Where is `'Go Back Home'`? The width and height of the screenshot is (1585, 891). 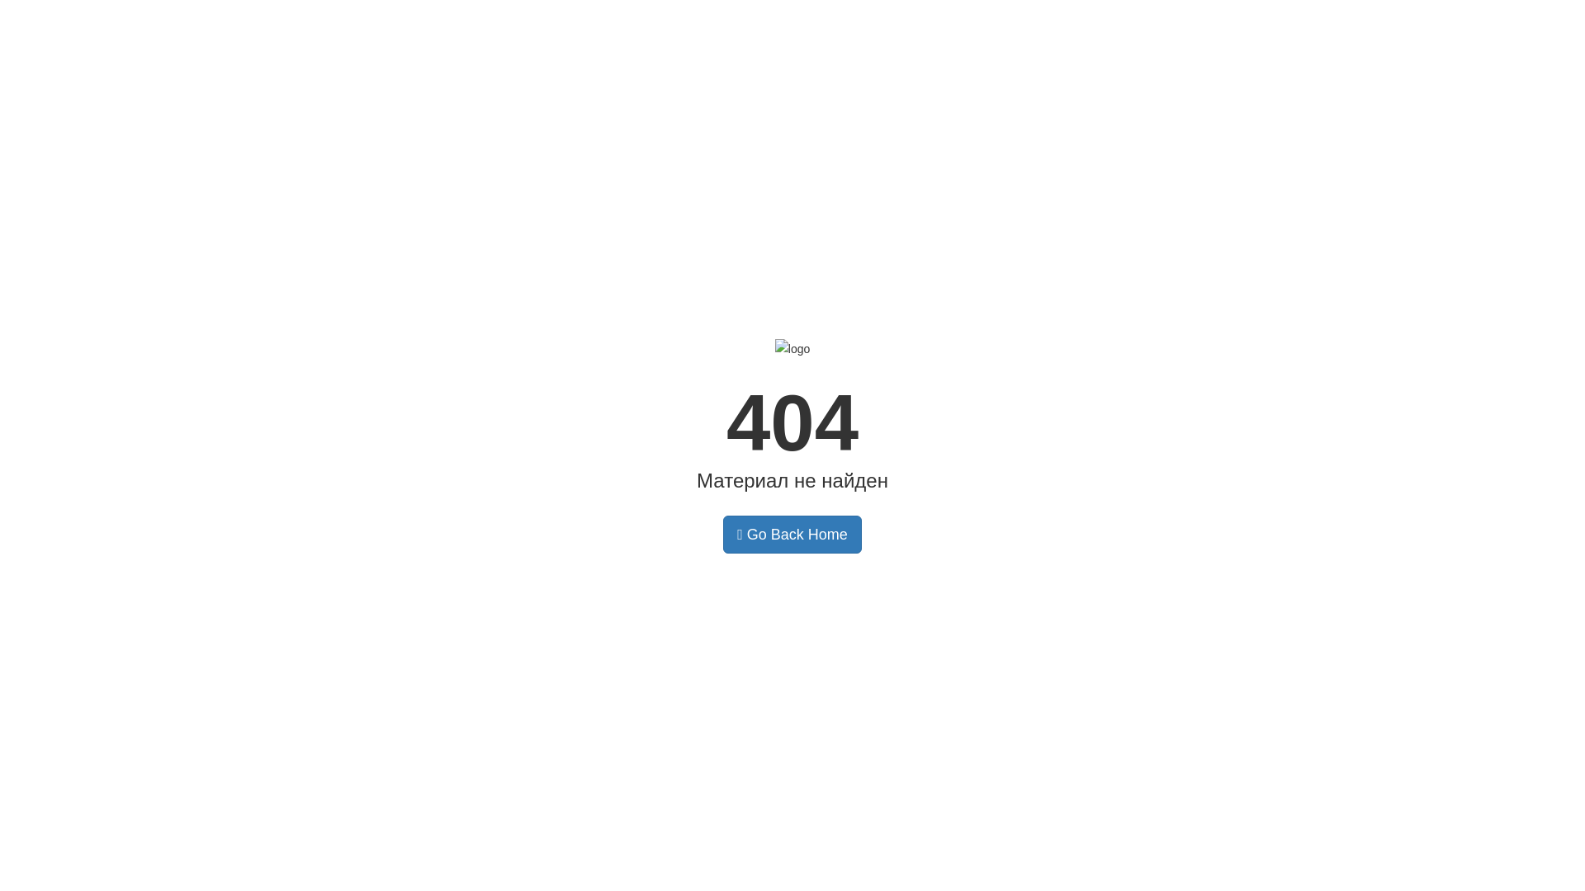 'Go Back Home' is located at coordinates (792, 535).